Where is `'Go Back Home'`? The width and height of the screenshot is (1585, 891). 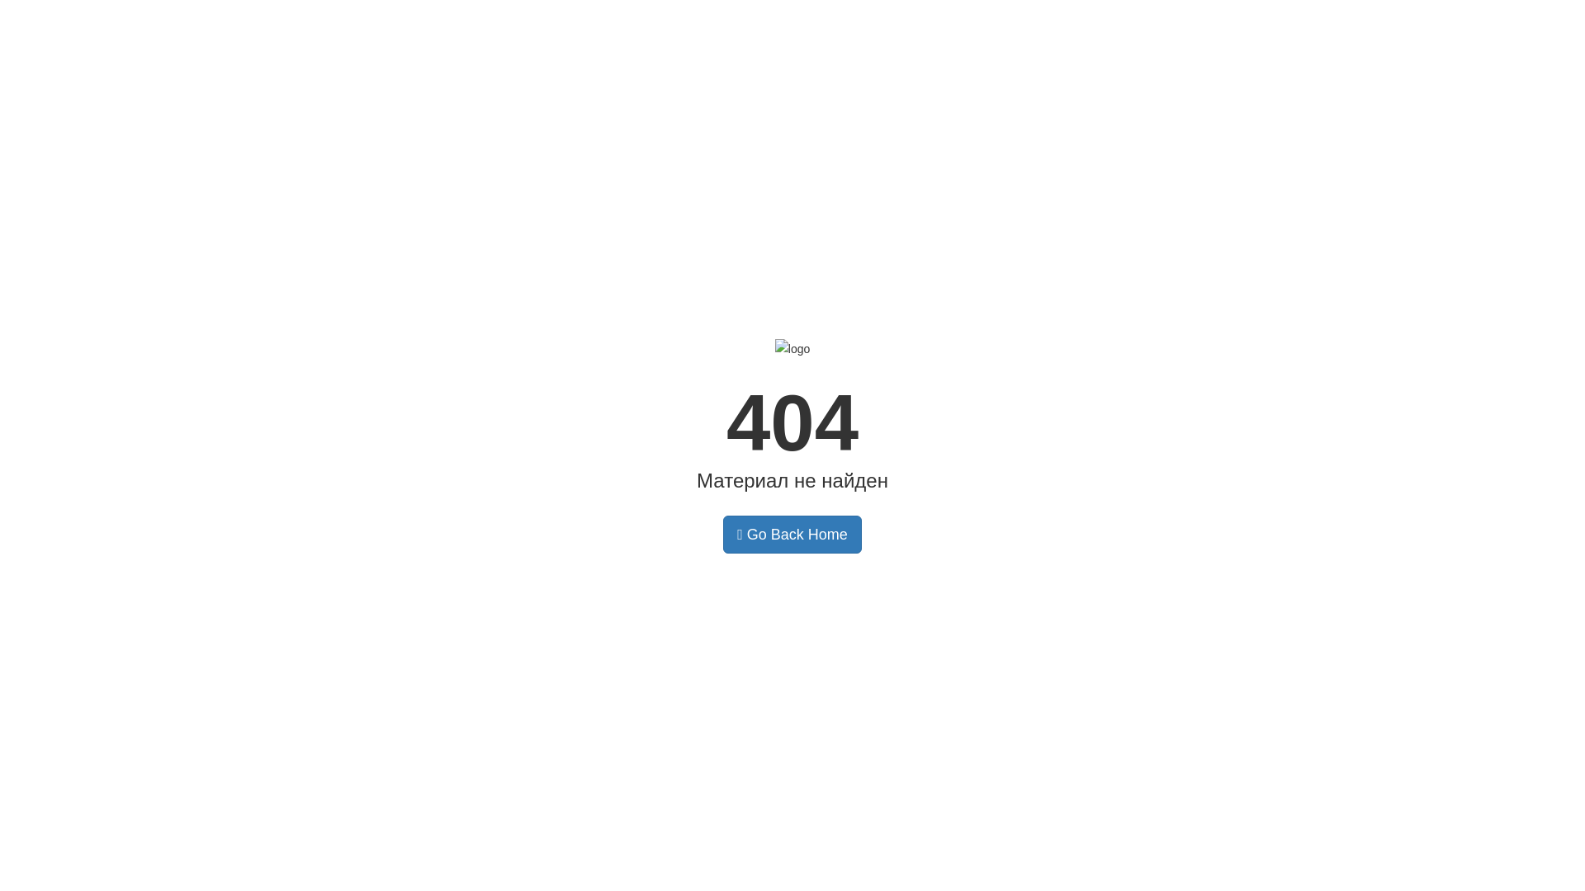 'Go Back Home' is located at coordinates (792, 535).